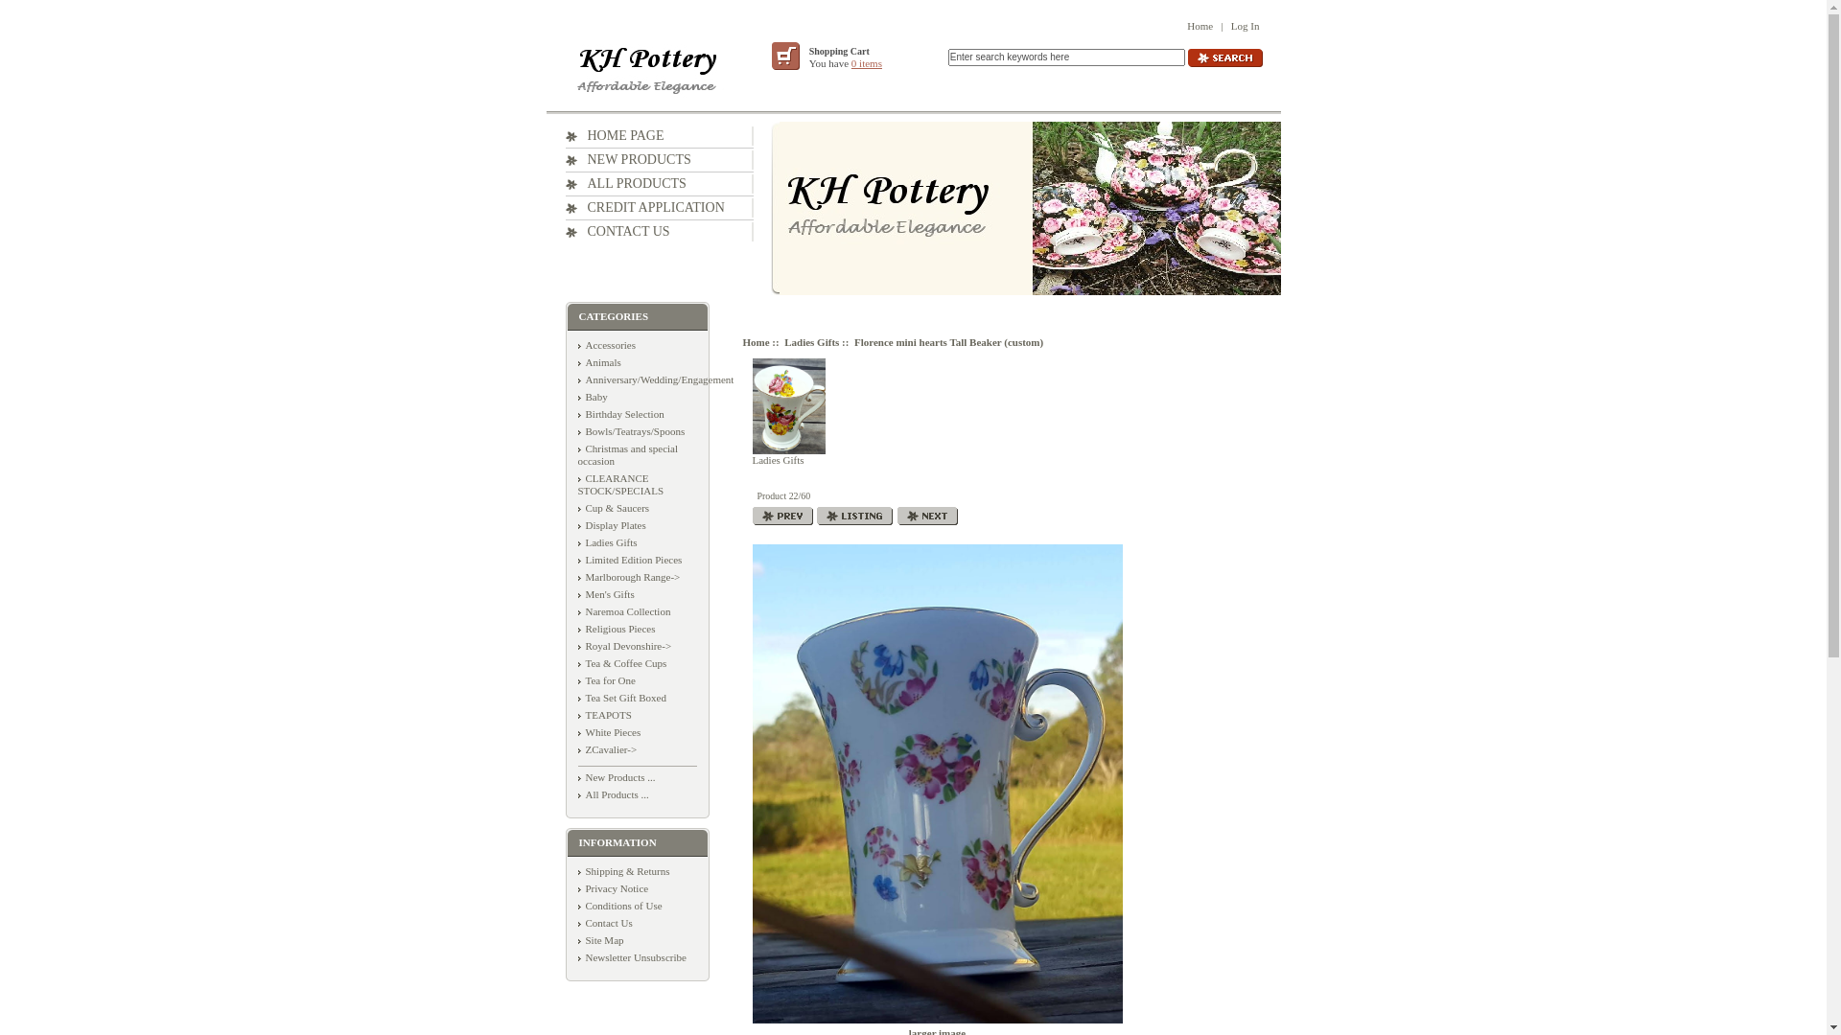 The image size is (1841, 1035). What do you see at coordinates (655, 379) in the screenshot?
I see `'Anniversary/Wedding/Engagement'` at bounding box center [655, 379].